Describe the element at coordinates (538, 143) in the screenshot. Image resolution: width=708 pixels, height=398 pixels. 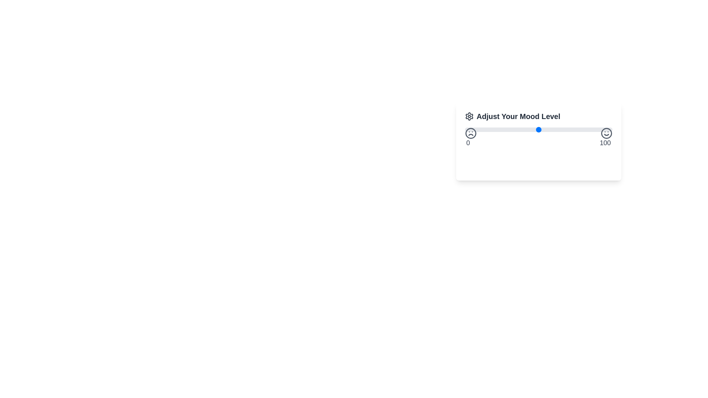
I see `the static text label displaying the range '0 to 100' located below the mood level slider in the 'Adjust Your Mood Level' component` at that location.